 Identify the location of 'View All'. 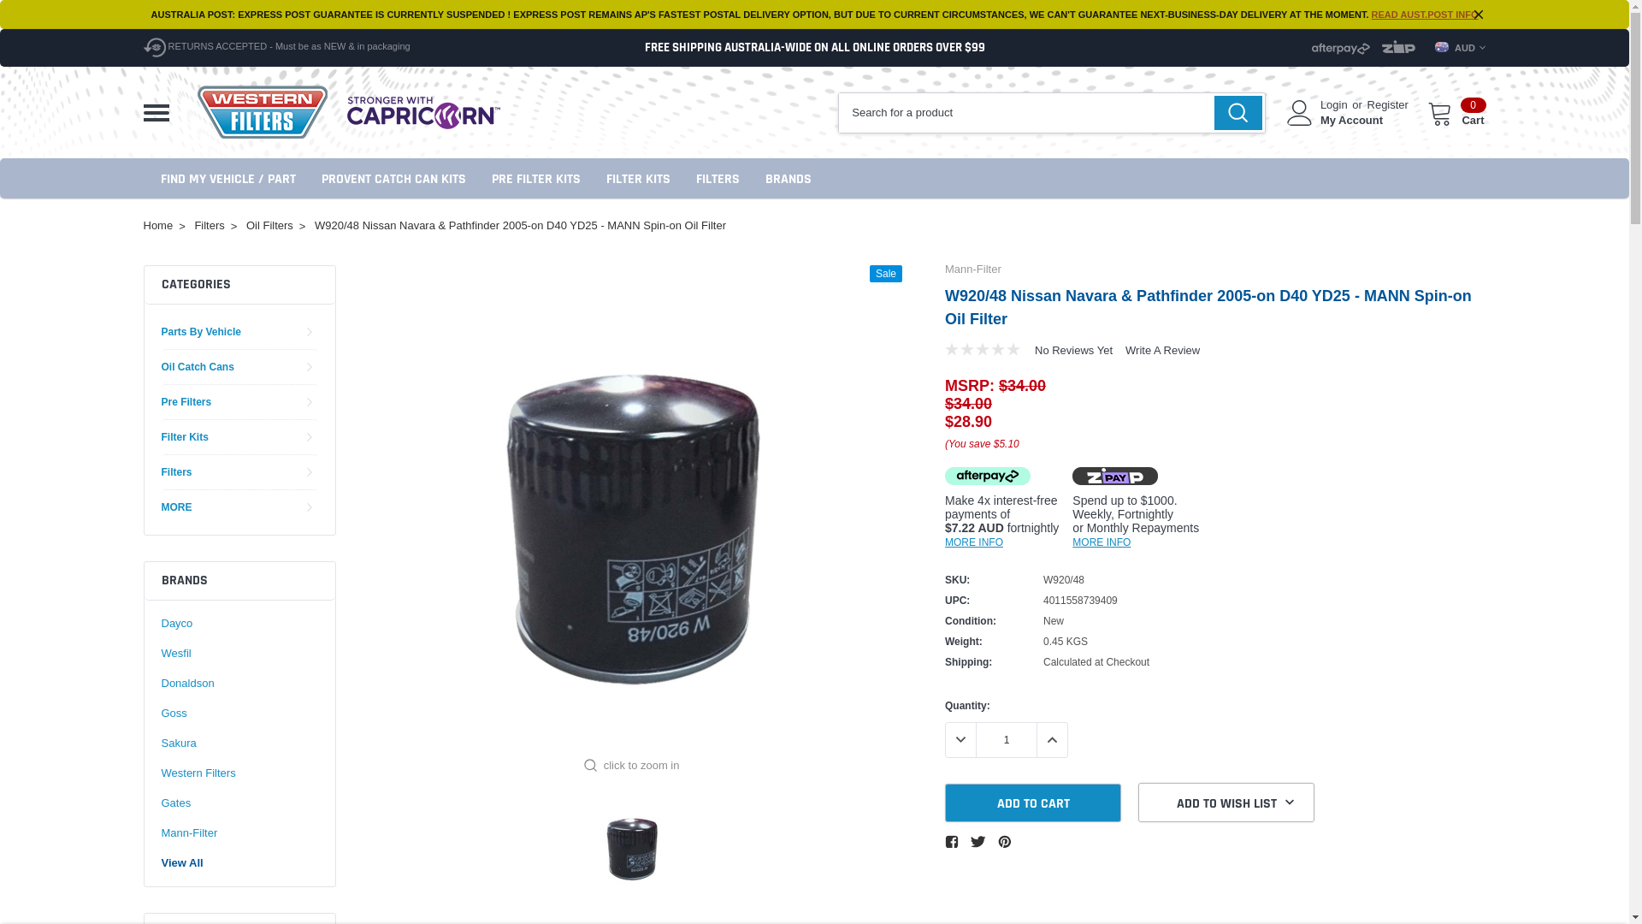
(181, 863).